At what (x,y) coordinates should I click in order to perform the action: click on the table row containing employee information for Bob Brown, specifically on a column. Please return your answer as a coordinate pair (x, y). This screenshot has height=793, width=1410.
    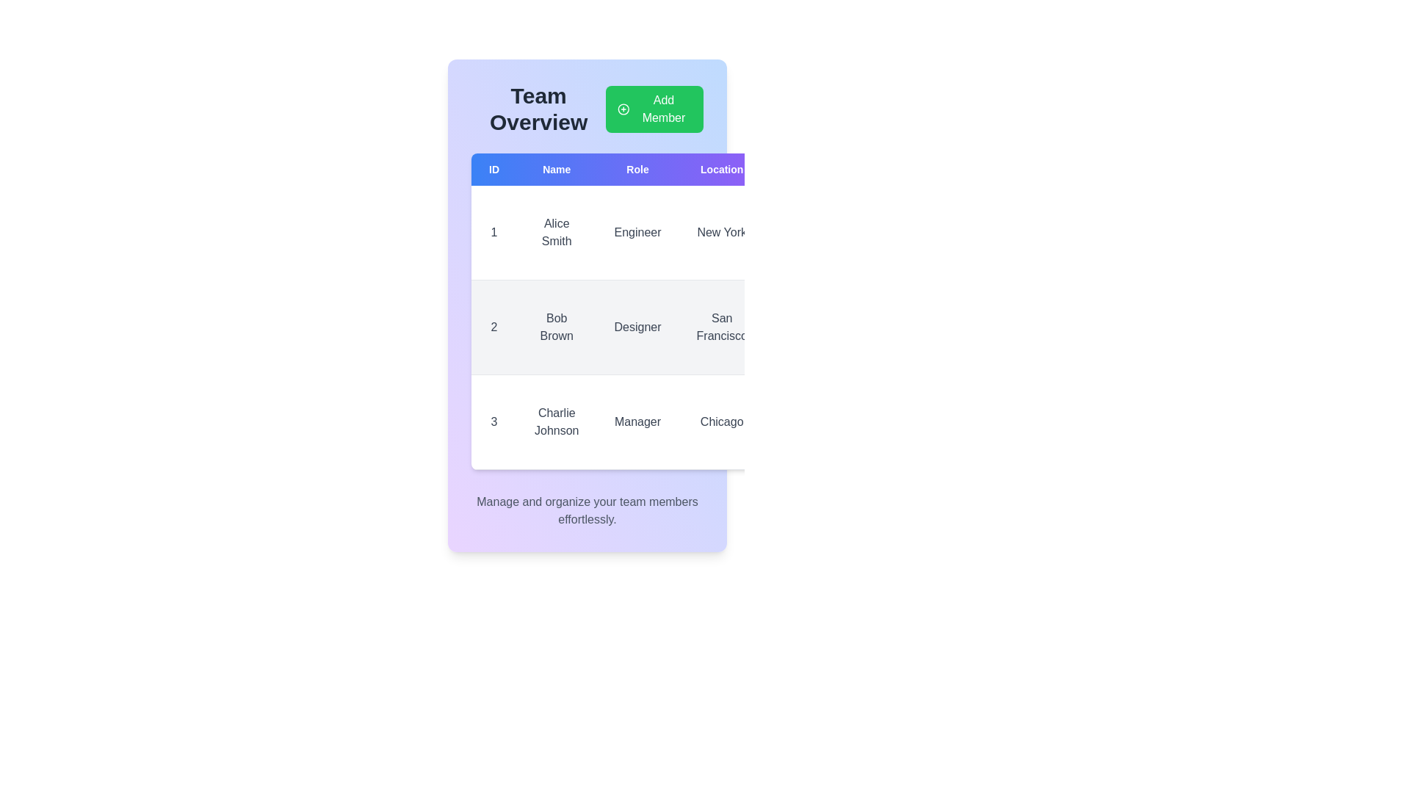
    Looking at the image, I should click on (654, 327).